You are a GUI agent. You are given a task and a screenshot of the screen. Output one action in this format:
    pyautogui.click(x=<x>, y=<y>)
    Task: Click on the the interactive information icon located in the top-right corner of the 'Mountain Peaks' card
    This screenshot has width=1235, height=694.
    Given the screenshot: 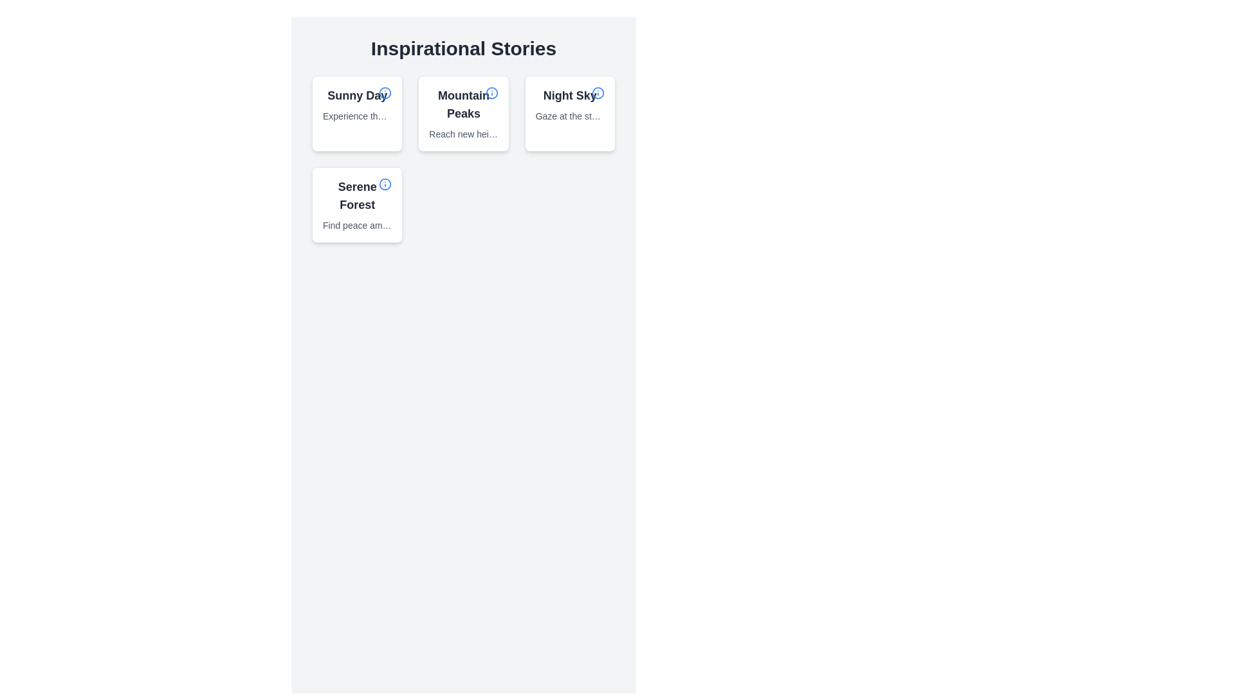 What is the action you would take?
    pyautogui.click(x=491, y=93)
    